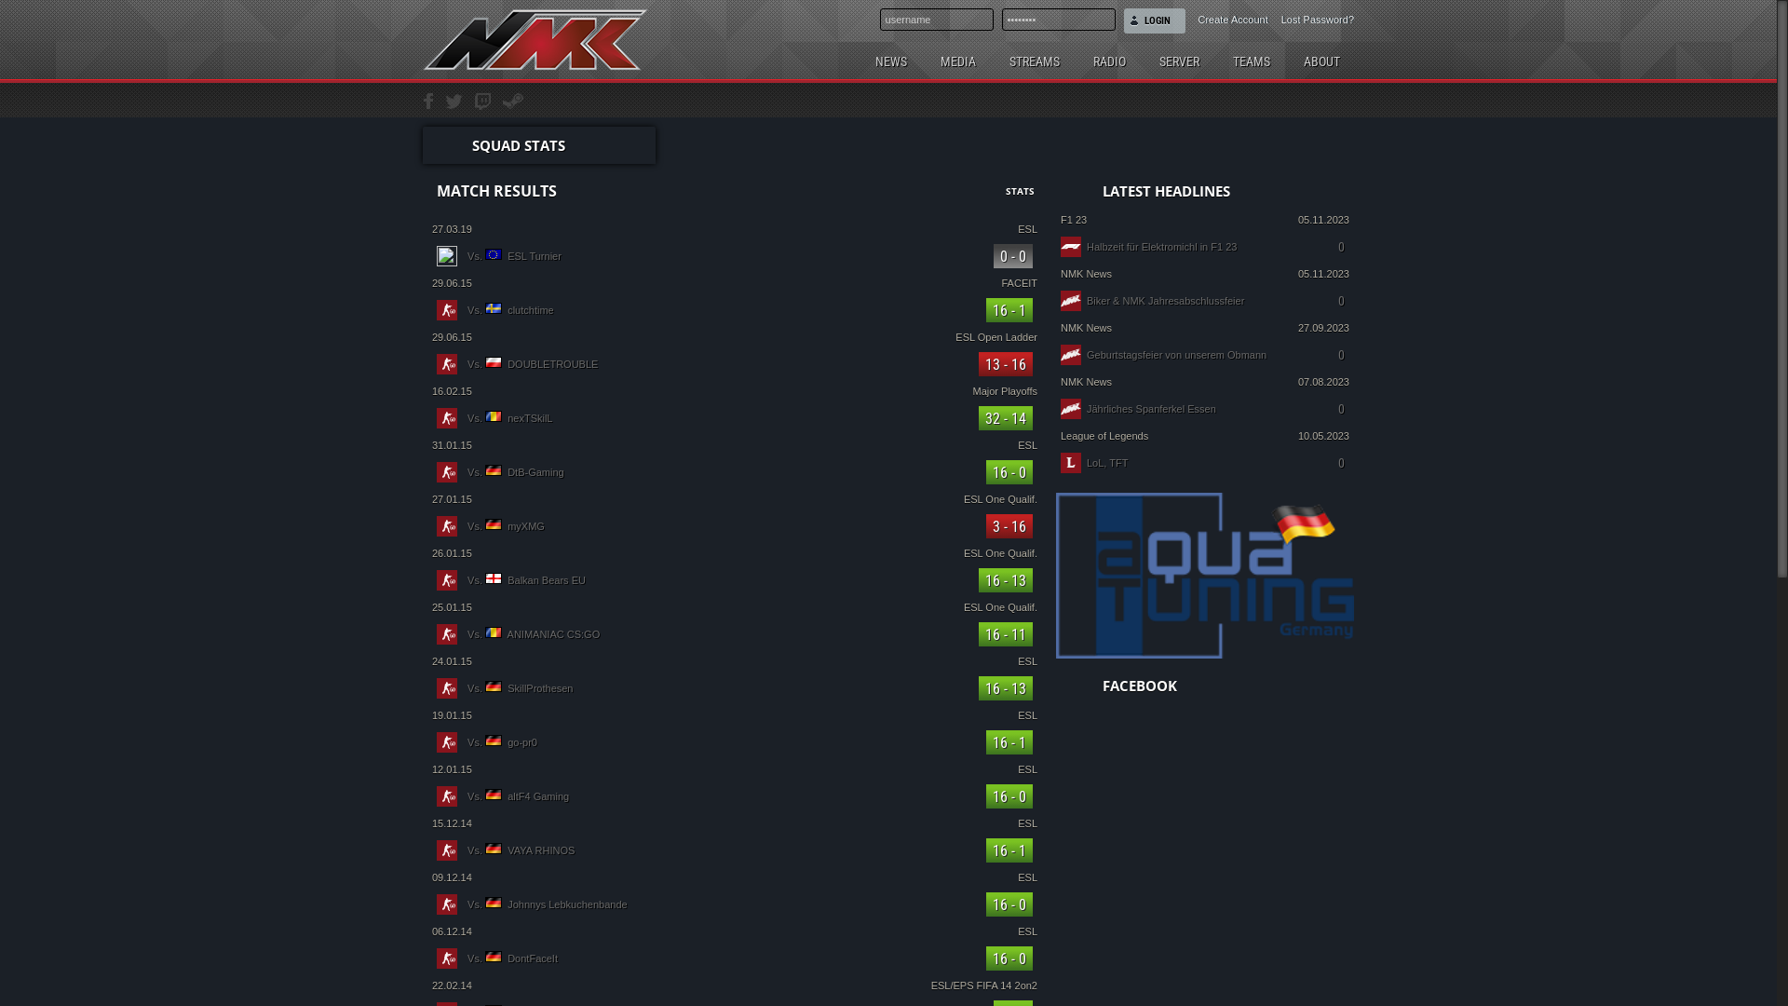 The width and height of the screenshot is (1788, 1006). Describe the element at coordinates (889, 60) in the screenshot. I see `'NEWS'` at that location.